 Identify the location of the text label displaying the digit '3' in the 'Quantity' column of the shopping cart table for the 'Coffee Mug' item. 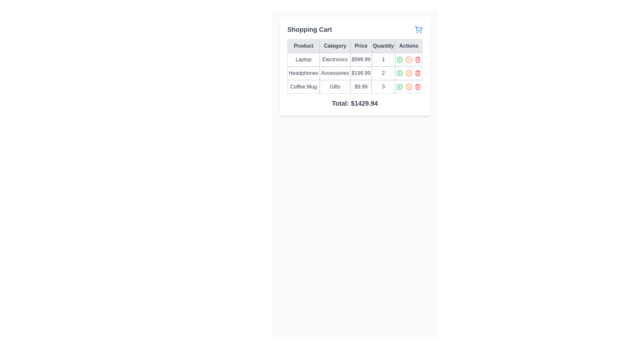
(383, 86).